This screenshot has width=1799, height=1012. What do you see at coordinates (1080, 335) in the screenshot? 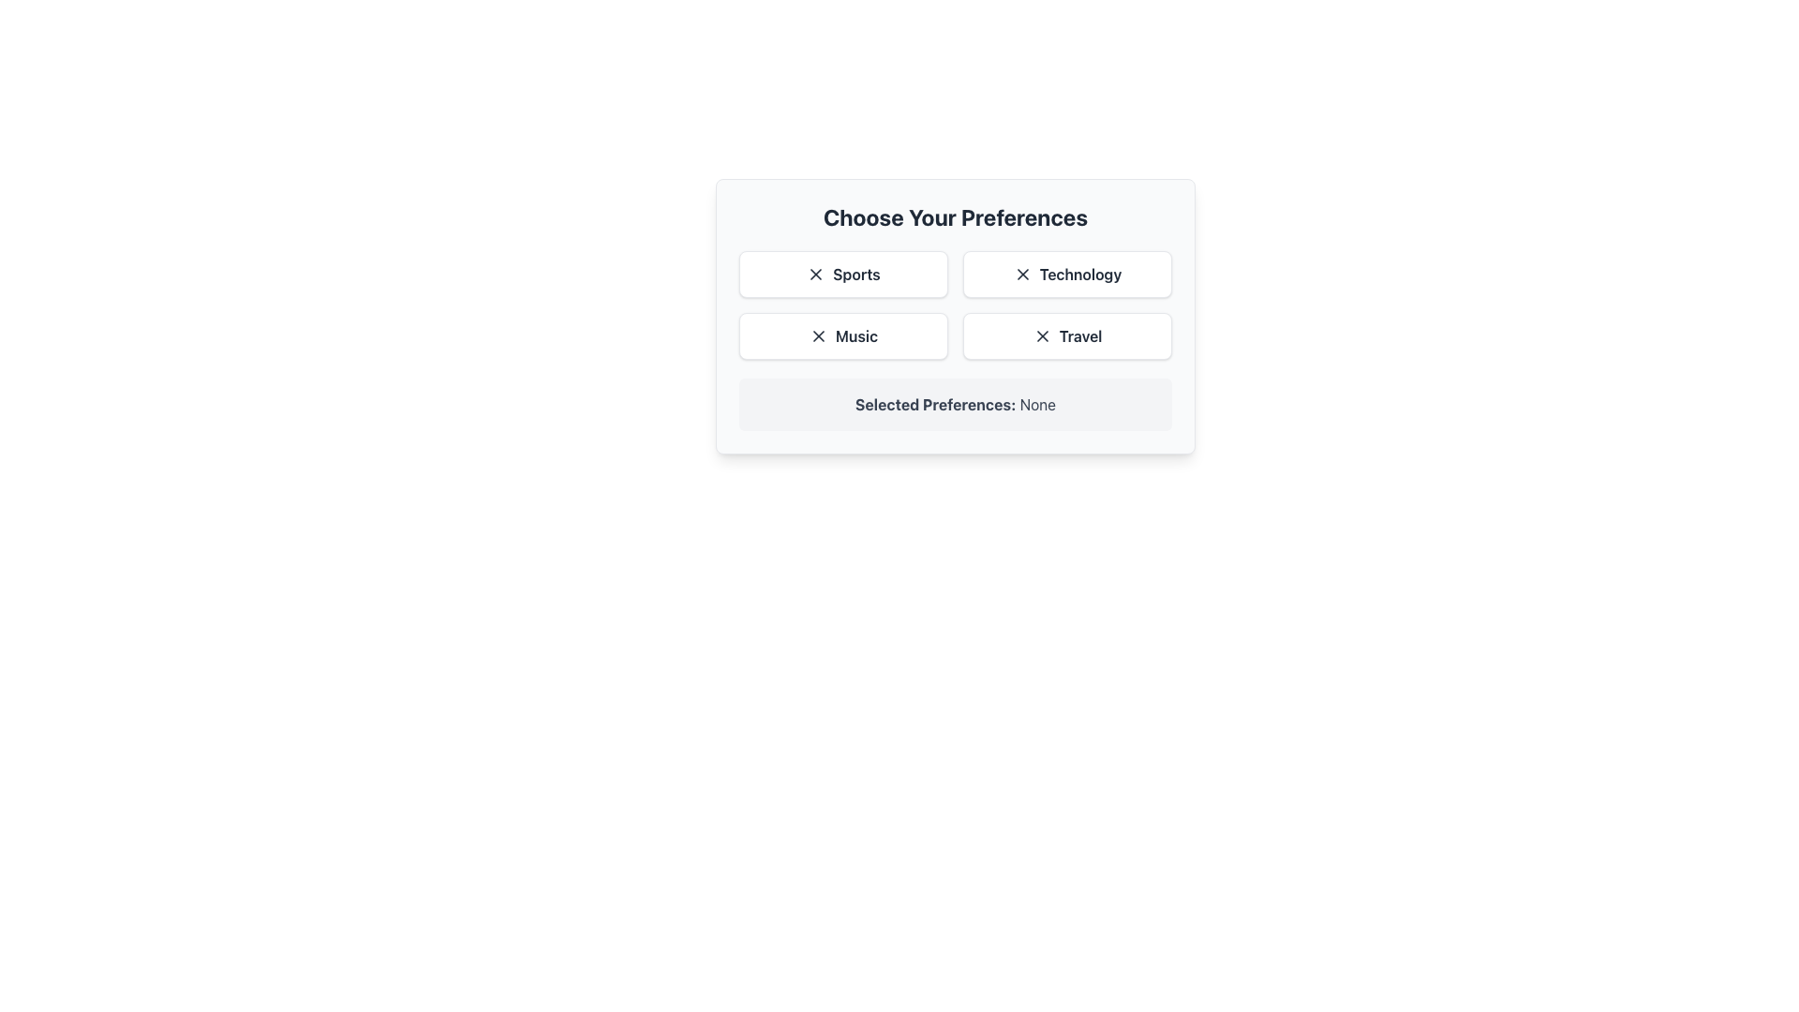
I see `the 'Travel' text label located within the interactive button at the bottom-right of the 'Choose Your Preferences' dialog` at bounding box center [1080, 335].